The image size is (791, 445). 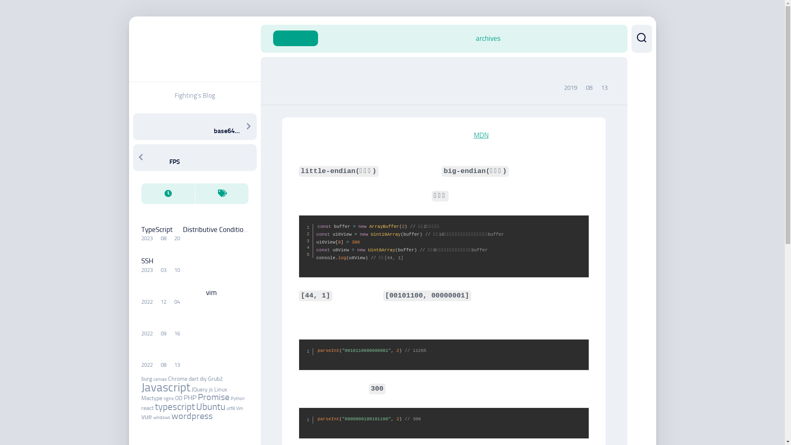 What do you see at coordinates (221, 194) in the screenshot?
I see `'Tags'` at bounding box center [221, 194].